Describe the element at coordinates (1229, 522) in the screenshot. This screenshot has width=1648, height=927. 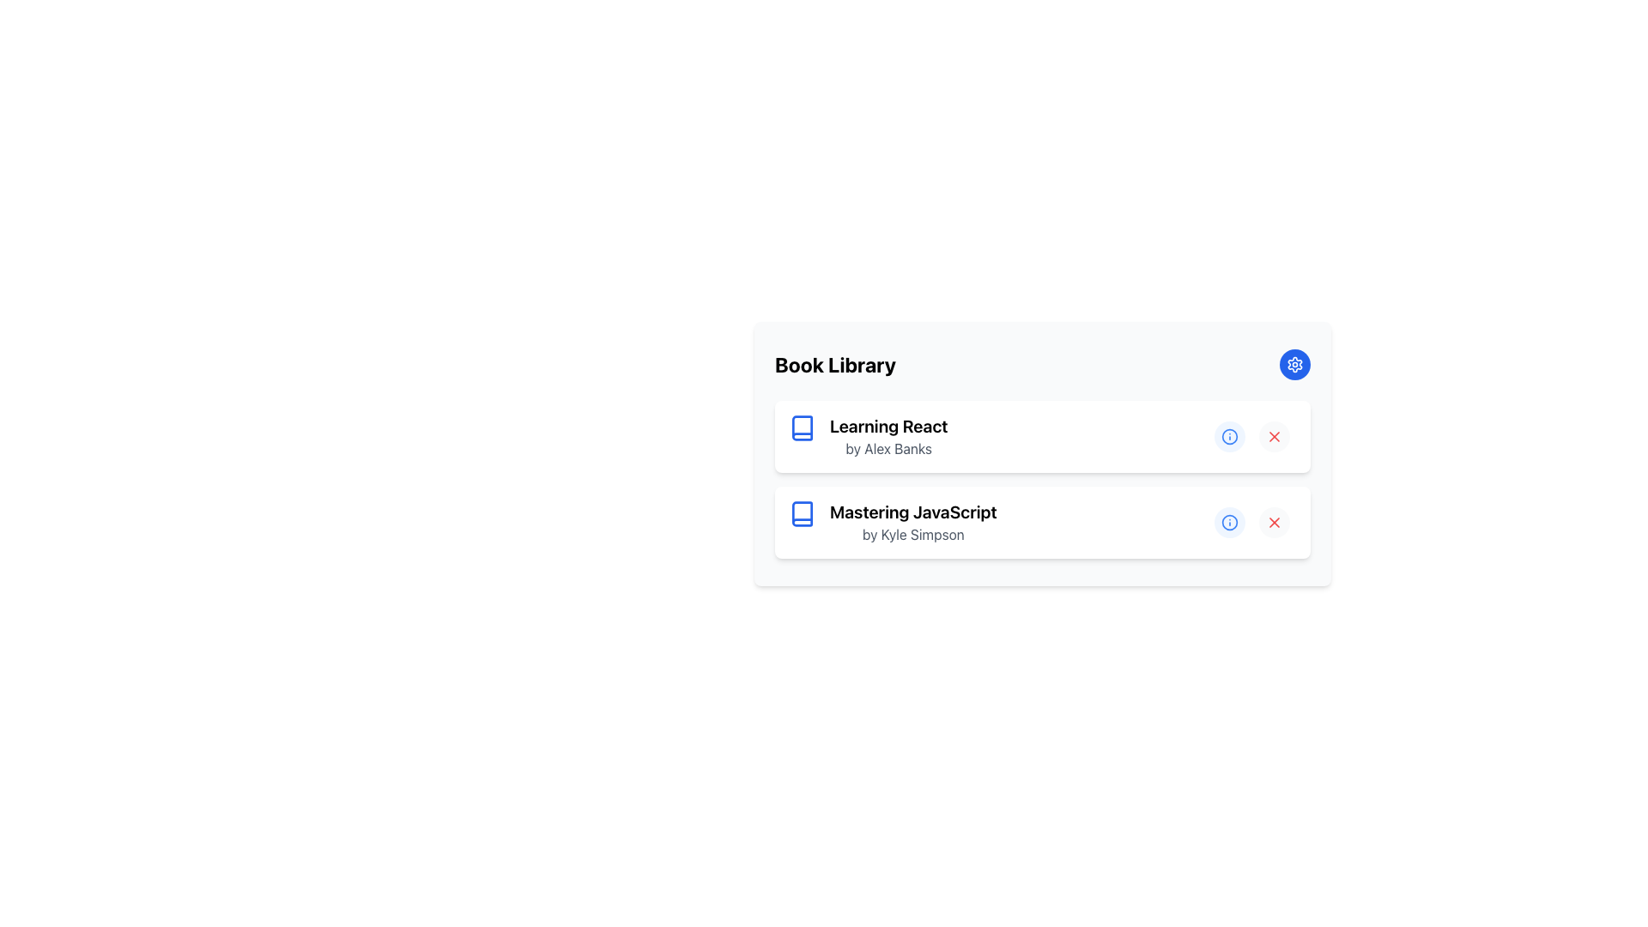
I see `the circular blue icon with an outlined border and an 'i' symbol, located in the right portion of the second row of book entries for 'Learning React by Alex Banks'` at that location.